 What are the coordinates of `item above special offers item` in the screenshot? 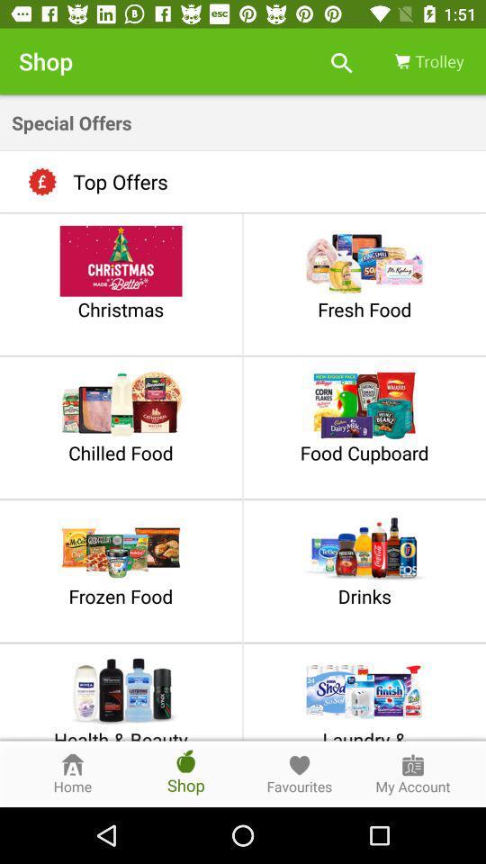 It's located at (427, 61).